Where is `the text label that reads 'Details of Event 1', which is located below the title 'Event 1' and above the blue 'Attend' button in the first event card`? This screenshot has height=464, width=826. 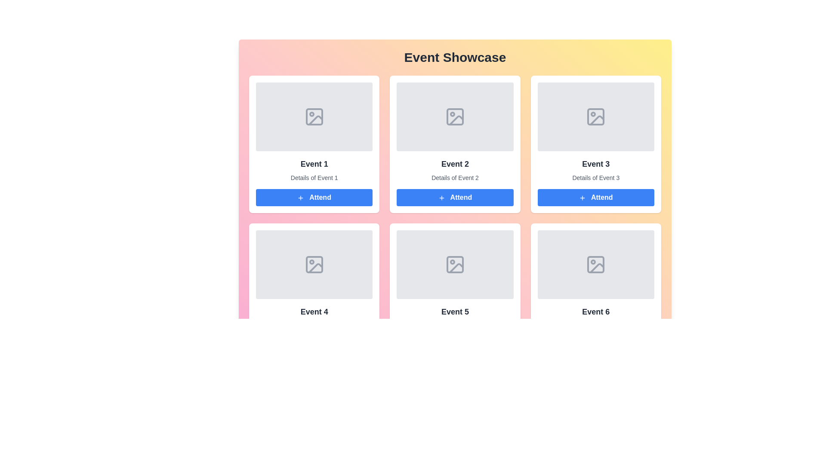
the text label that reads 'Details of Event 1', which is located below the title 'Event 1' and above the blue 'Attend' button in the first event card is located at coordinates (314, 177).